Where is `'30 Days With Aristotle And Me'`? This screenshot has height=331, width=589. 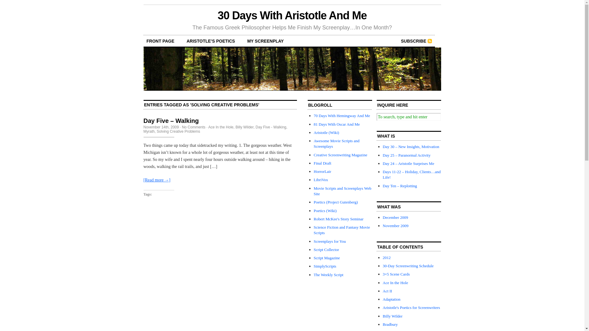 '30 Days With Aristotle And Me' is located at coordinates (292, 15).